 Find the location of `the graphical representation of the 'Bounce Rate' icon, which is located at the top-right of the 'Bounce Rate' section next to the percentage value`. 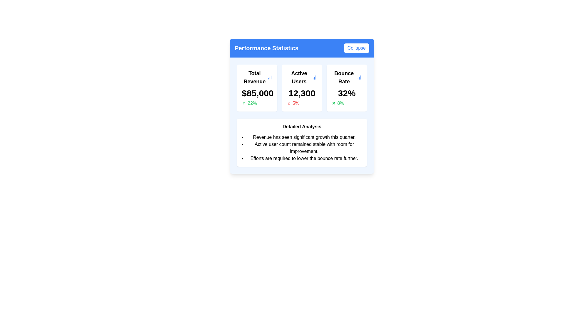

the graphical representation of the 'Bounce Rate' icon, which is located at the top-right of the 'Bounce Rate' section next to the percentage value is located at coordinates (359, 77).